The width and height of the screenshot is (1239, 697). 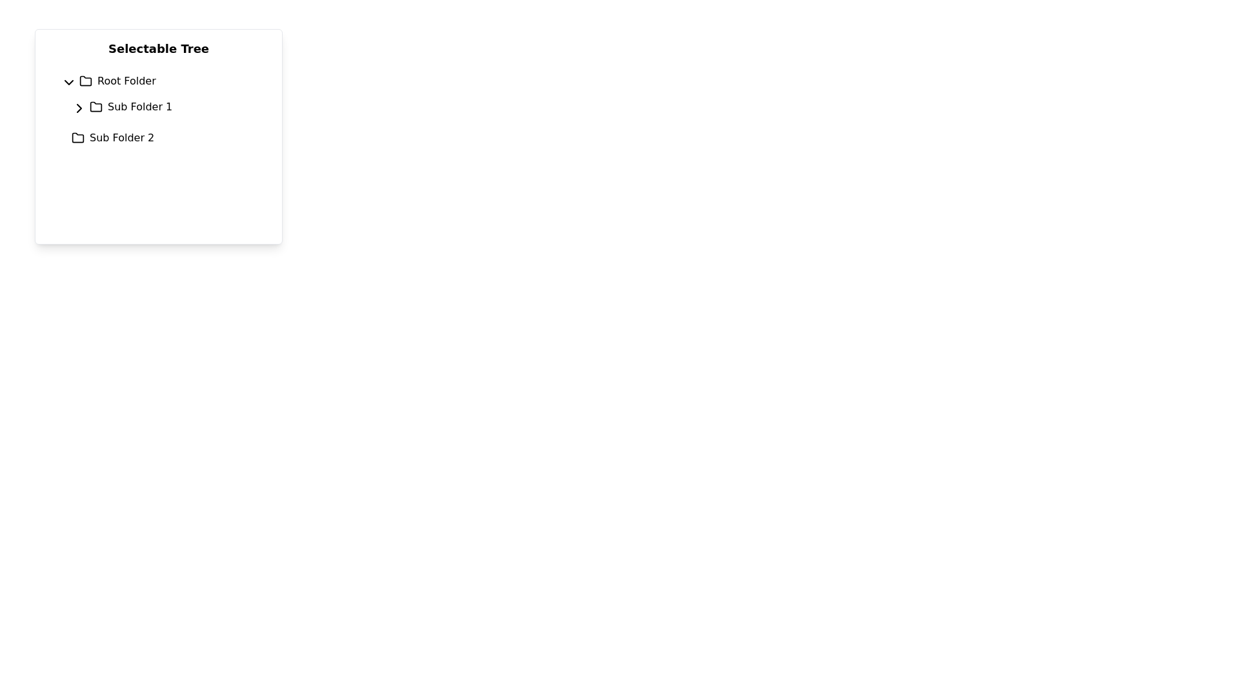 What do you see at coordinates (85, 81) in the screenshot?
I see `the SVG graphic of the folder icon representing the 'Root Folder'` at bounding box center [85, 81].